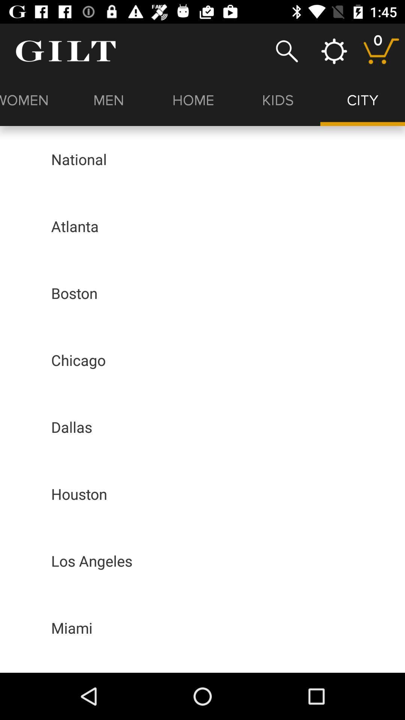  What do you see at coordinates (79, 159) in the screenshot?
I see `the national icon` at bounding box center [79, 159].